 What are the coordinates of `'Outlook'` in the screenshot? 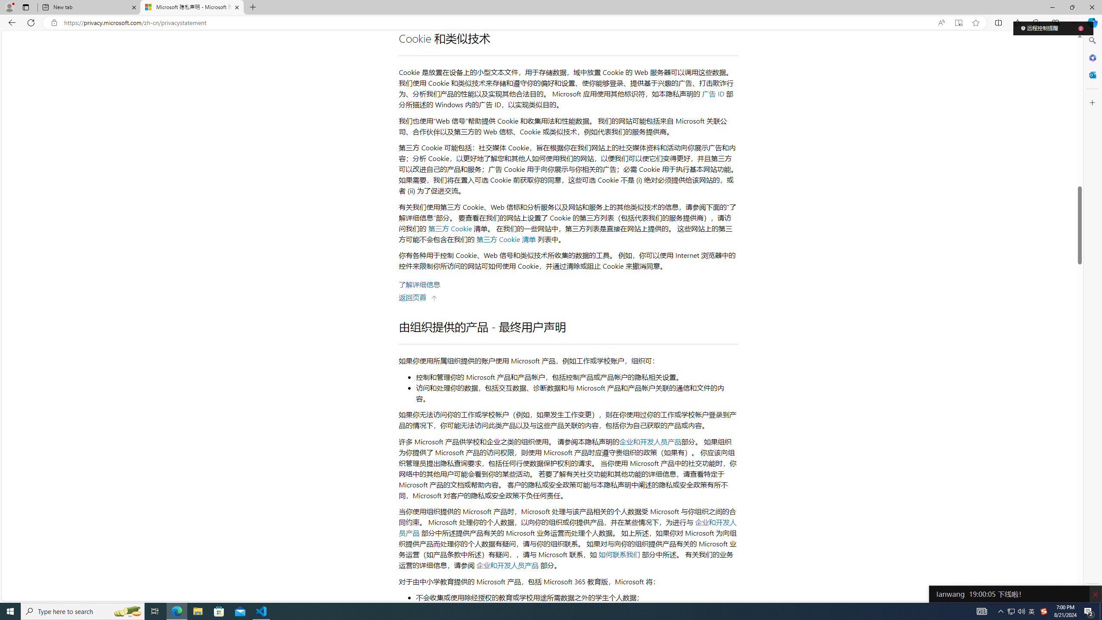 It's located at (1091, 74).